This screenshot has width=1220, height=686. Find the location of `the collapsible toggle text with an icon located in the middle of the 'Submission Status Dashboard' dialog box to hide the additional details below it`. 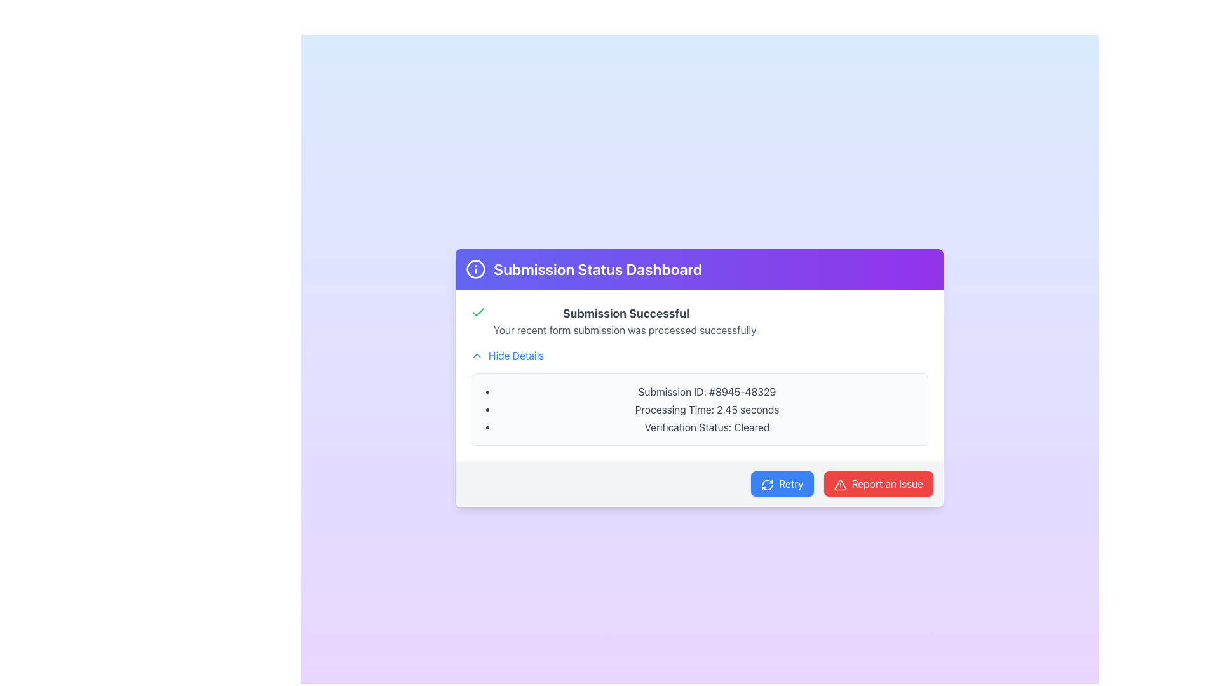

the collapsible toggle text with an icon located in the middle of the 'Submission Status Dashboard' dialog box to hide the additional details below it is located at coordinates (506, 355).